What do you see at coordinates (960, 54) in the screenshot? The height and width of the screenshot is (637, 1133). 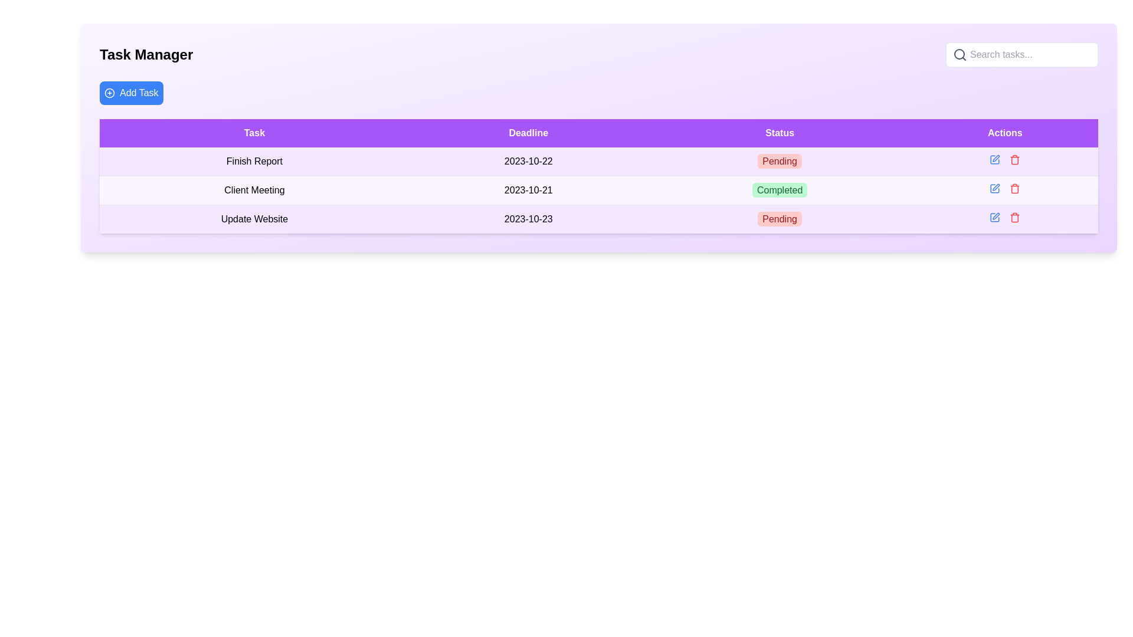 I see `the central circle element of the search icon located at the upper-right corner of the interface` at bounding box center [960, 54].